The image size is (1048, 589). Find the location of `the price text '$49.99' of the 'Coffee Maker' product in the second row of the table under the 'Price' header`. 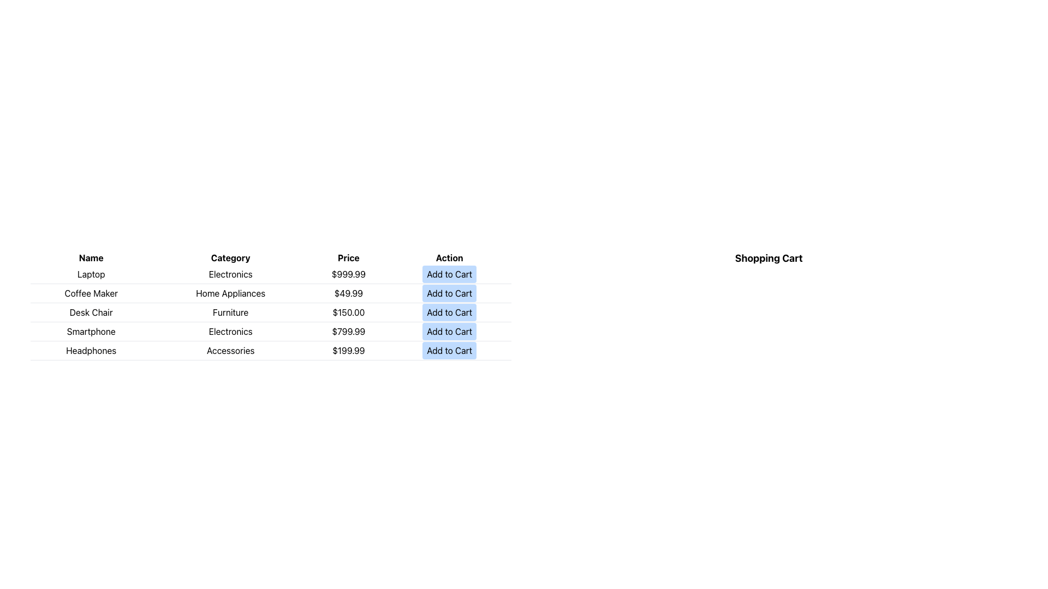

the price text '$49.99' of the 'Coffee Maker' product in the second row of the table under the 'Price' header is located at coordinates (348, 292).